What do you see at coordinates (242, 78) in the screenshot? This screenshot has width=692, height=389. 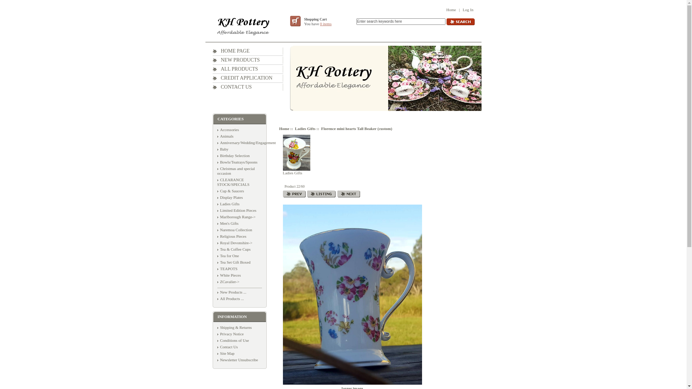 I see `'CREDIT APPLICATION'` at bounding box center [242, 78].